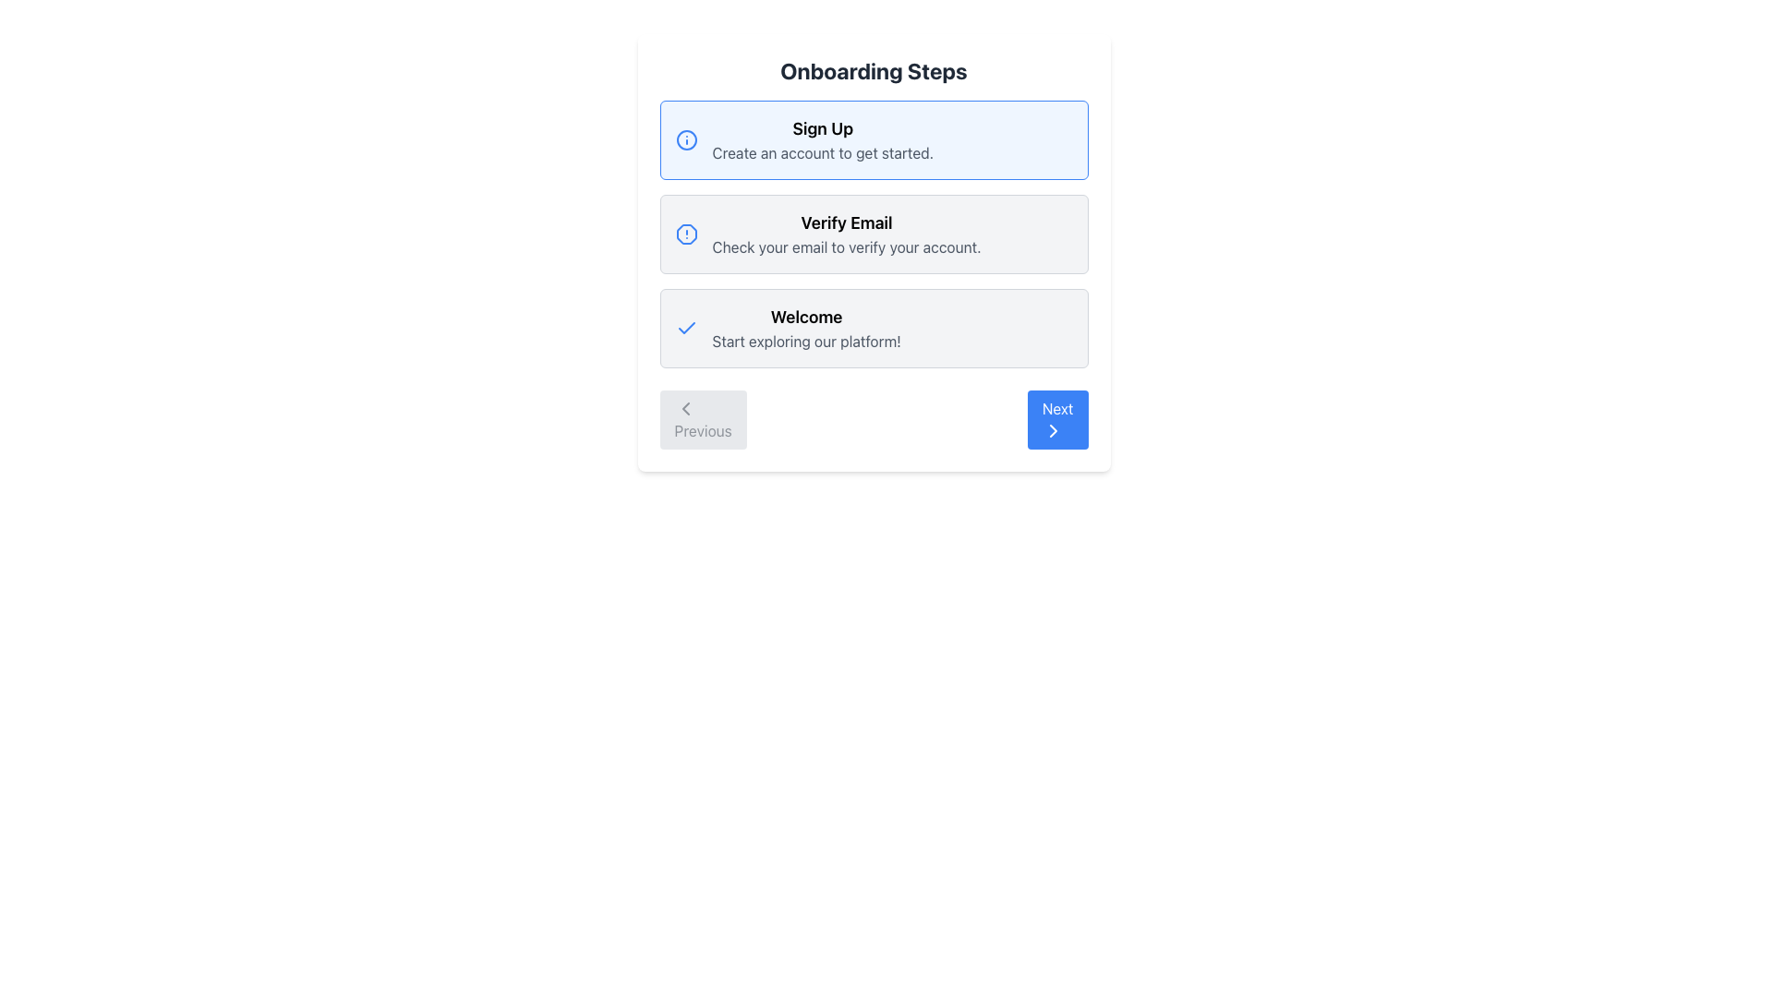 This screenshot has width=1773, height=997. Describe the element at coordinates (806, 342) in the screenshot. I see `the text label that says 'Start exploring our platform!' located in the bottom-right corner of the 'Welcome' section` at that location.